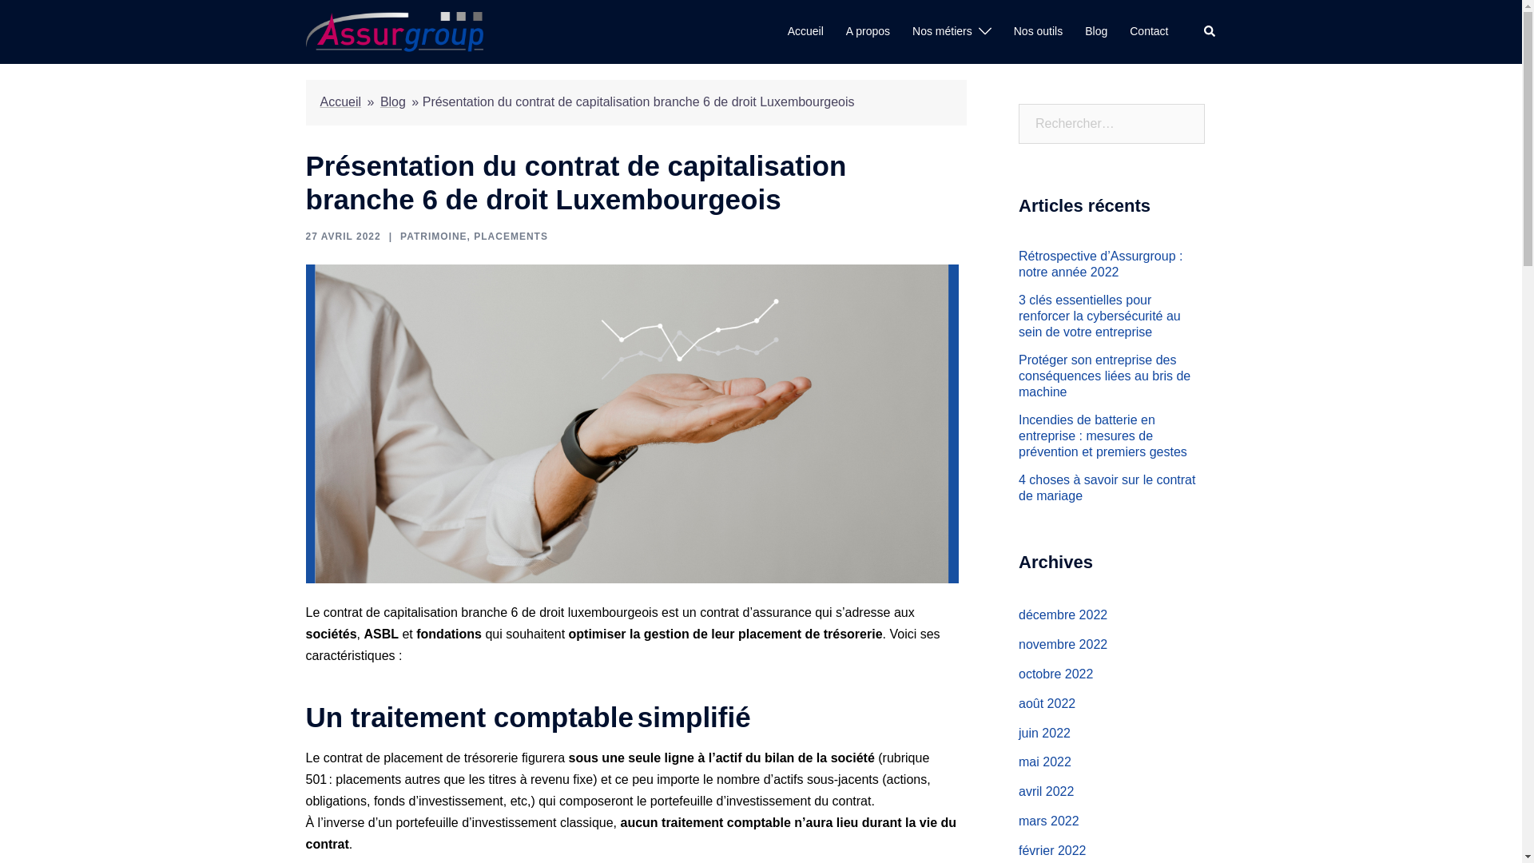  I want to click on 'Contact', so click(1148, 31).